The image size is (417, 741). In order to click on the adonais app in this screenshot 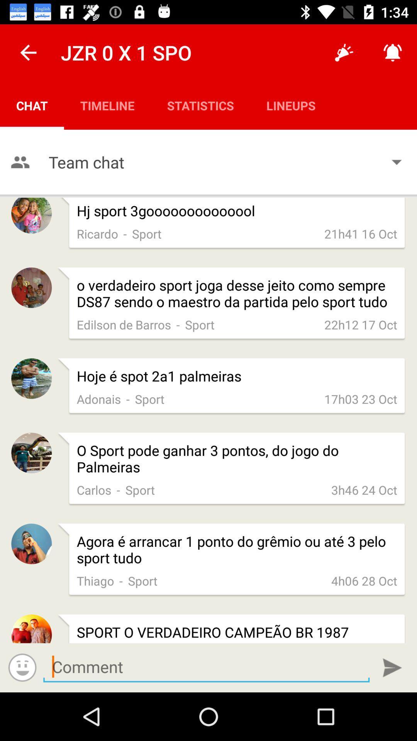, I will do `click(98, 399)`.